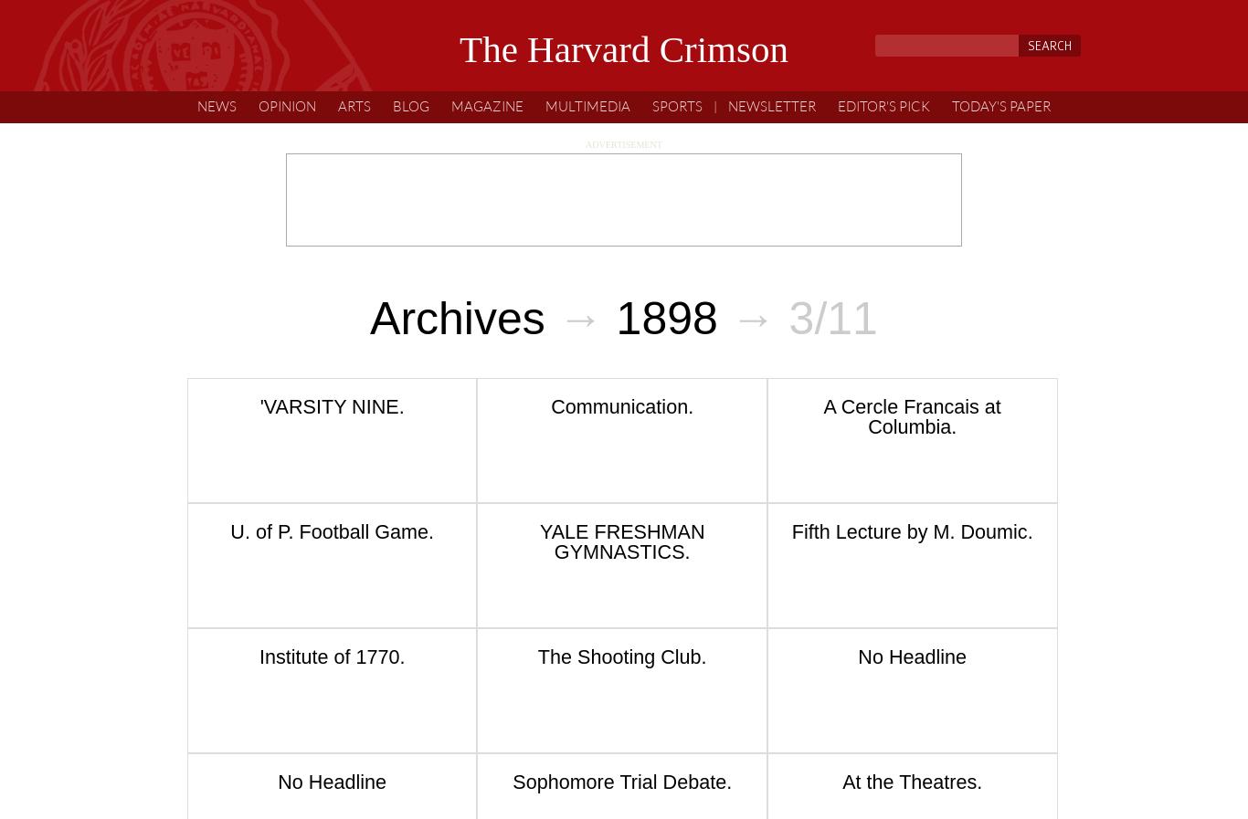  Describe the element at coordinates (950, 105) in the screenshot. I see `'Today's Paper'` at that location.